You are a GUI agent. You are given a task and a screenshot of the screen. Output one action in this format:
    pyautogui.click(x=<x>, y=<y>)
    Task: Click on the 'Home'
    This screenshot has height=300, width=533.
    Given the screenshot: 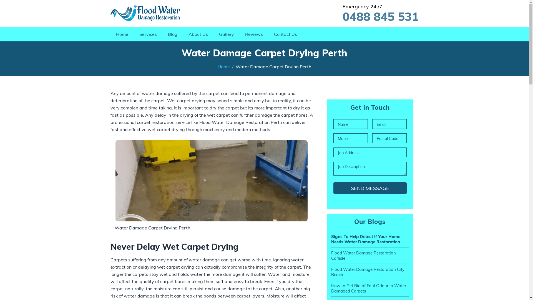 What is the action you would take?
    pyautogui.click(x=217, y=66)
    